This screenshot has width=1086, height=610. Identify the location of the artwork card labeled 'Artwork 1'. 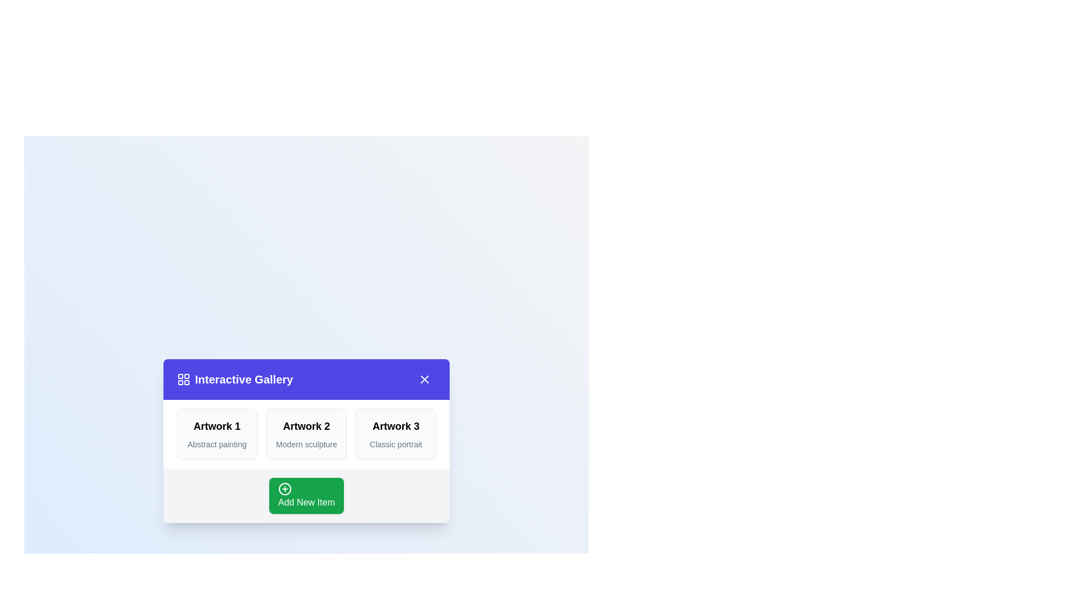
(217, 433).